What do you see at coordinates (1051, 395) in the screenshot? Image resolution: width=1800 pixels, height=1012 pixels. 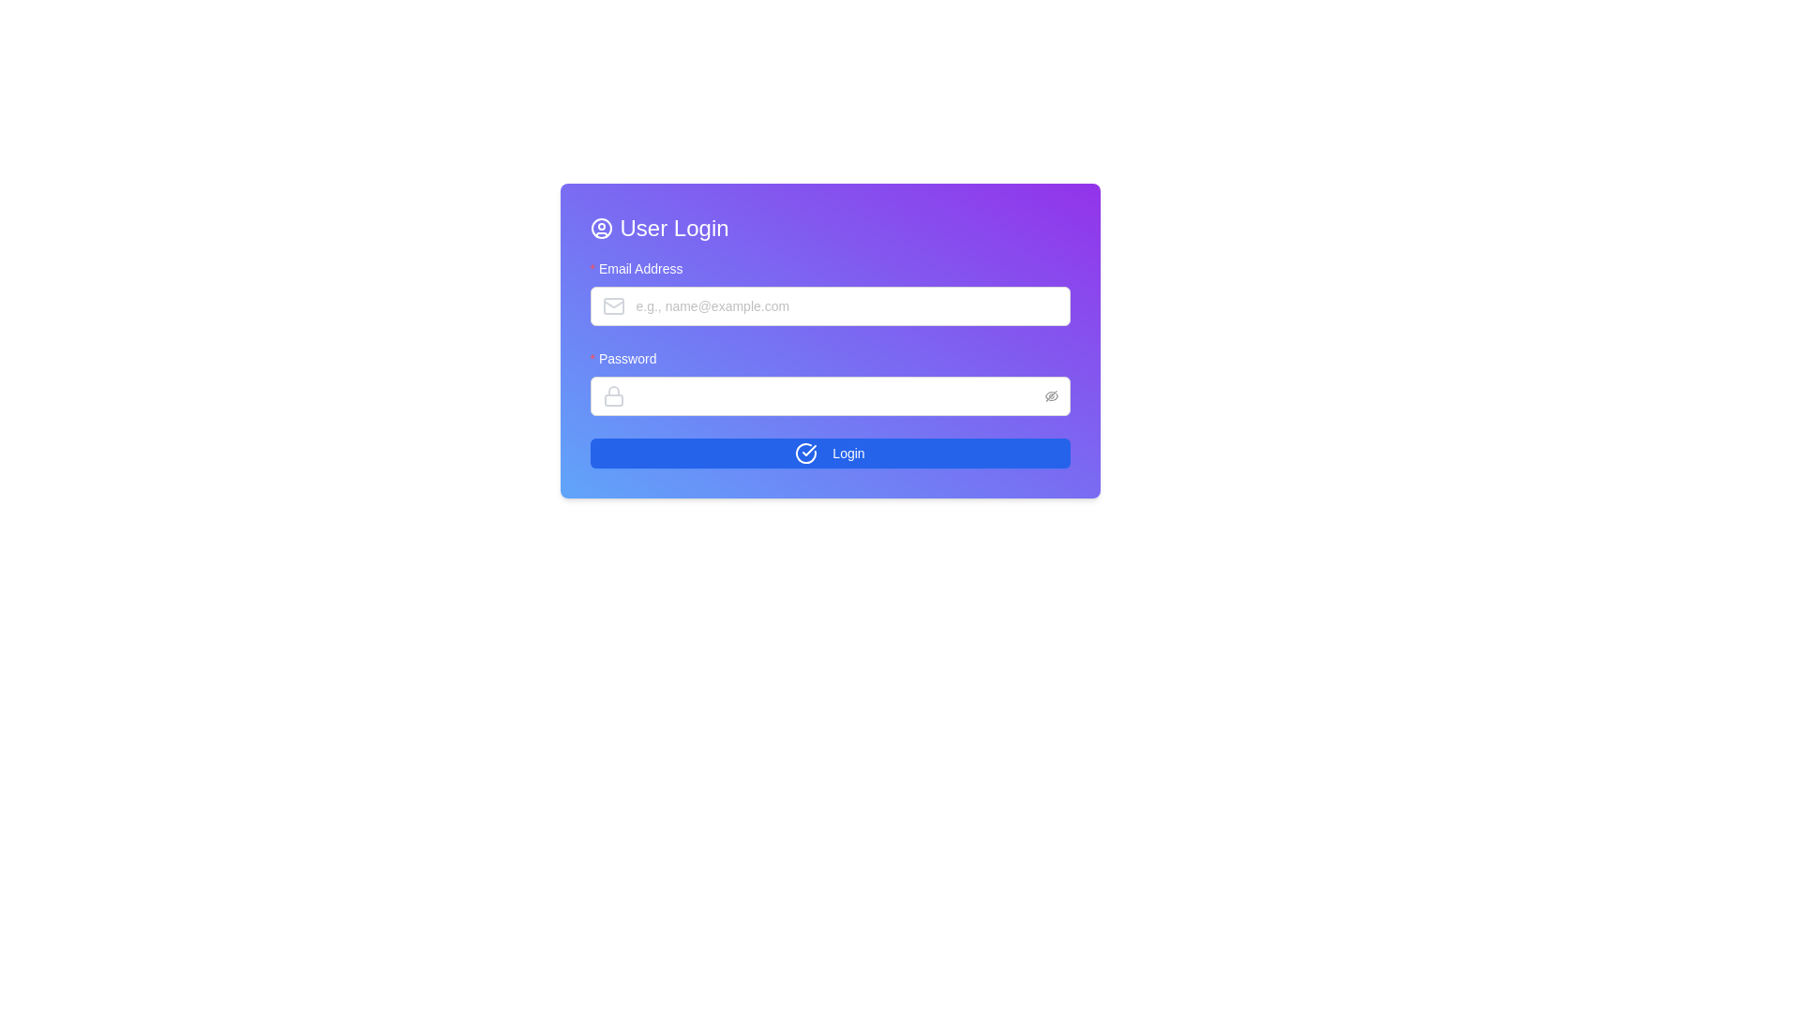 I see `the icon button with a crossed-eye symbol located at the right-hand edge of the password input field` at bounding box center [1051, 395].